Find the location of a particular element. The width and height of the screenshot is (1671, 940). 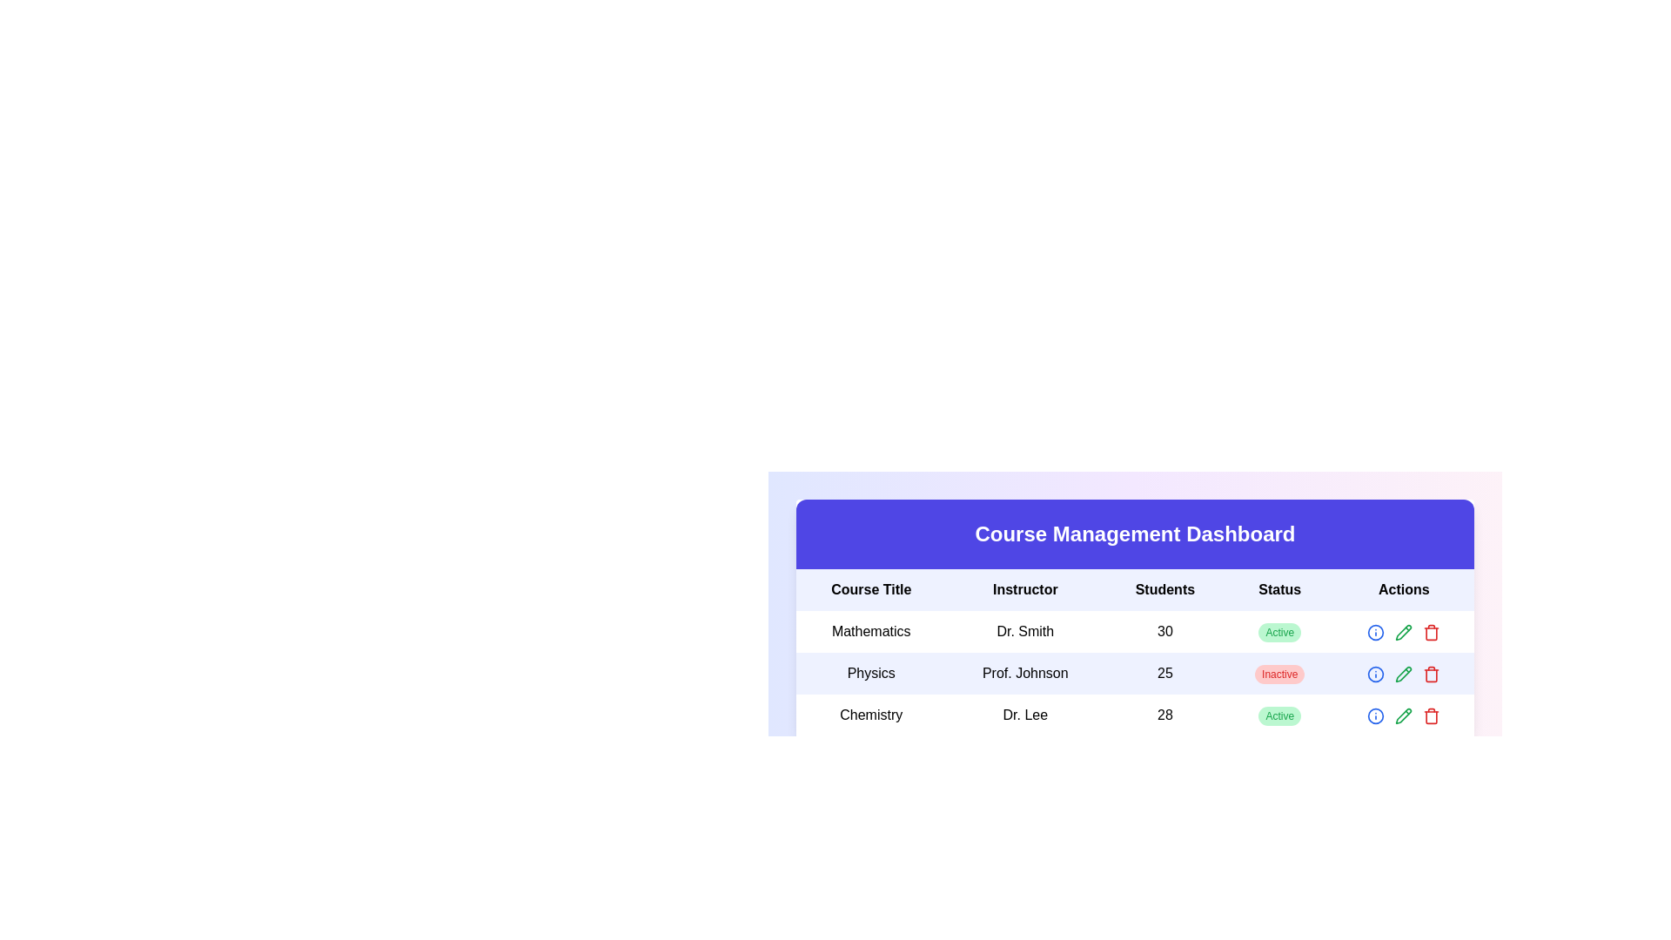

the text label displaying 'Mathematics' in black font on a white background, which is located in the first visible row under the 'Course Title' column of the table is located at coordinates (871, 631).